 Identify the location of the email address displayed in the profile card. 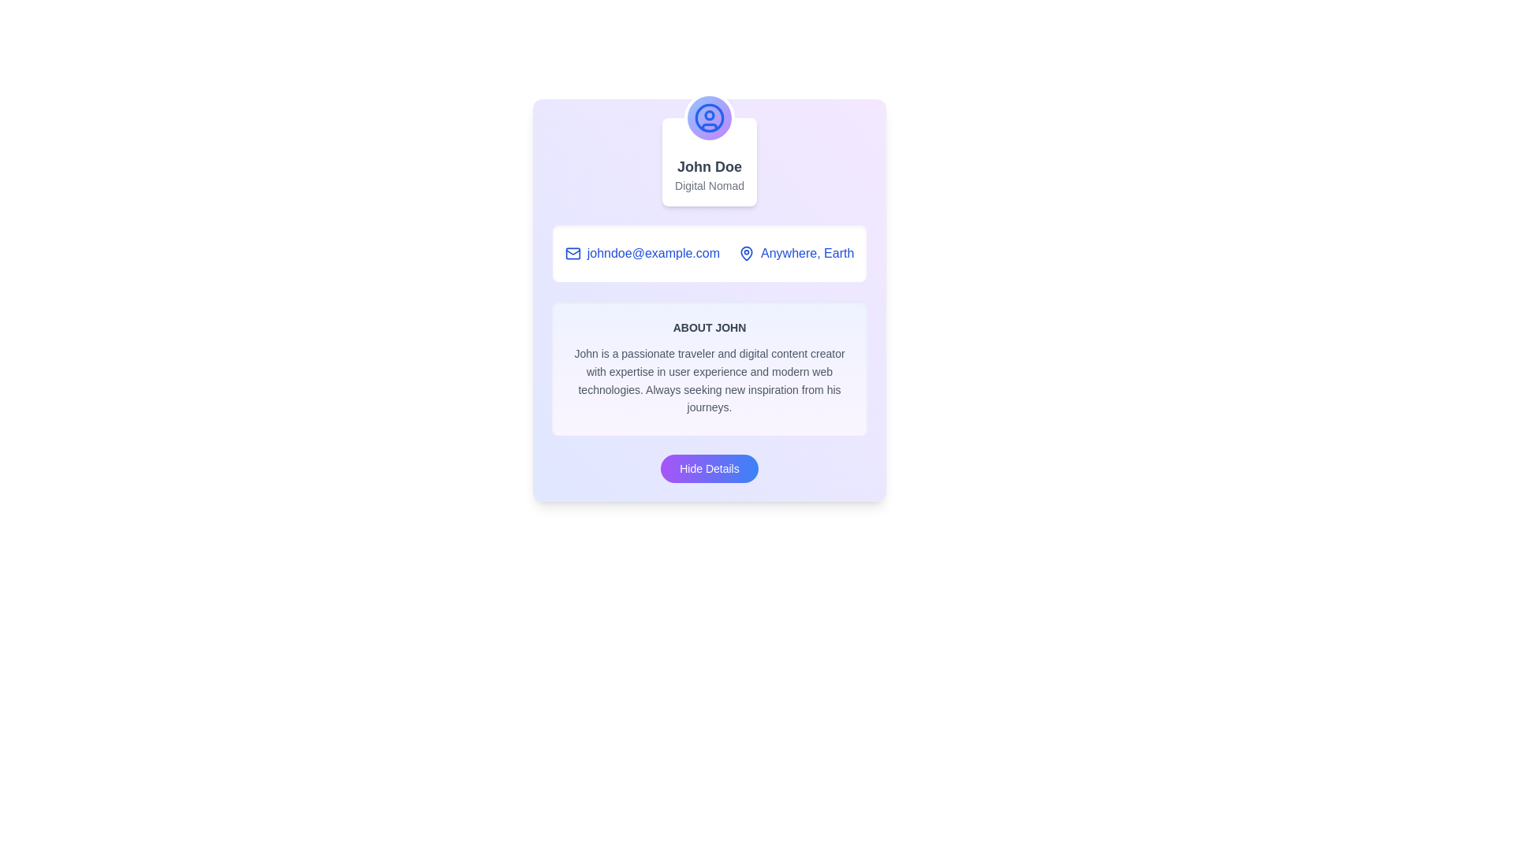
(642, 252).